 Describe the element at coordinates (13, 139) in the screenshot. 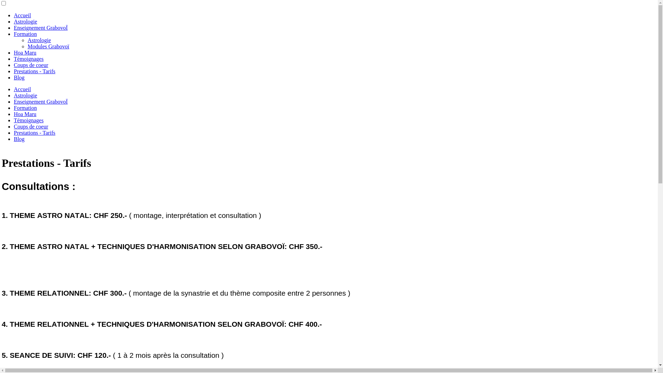

I see `'Blog'` at that location.